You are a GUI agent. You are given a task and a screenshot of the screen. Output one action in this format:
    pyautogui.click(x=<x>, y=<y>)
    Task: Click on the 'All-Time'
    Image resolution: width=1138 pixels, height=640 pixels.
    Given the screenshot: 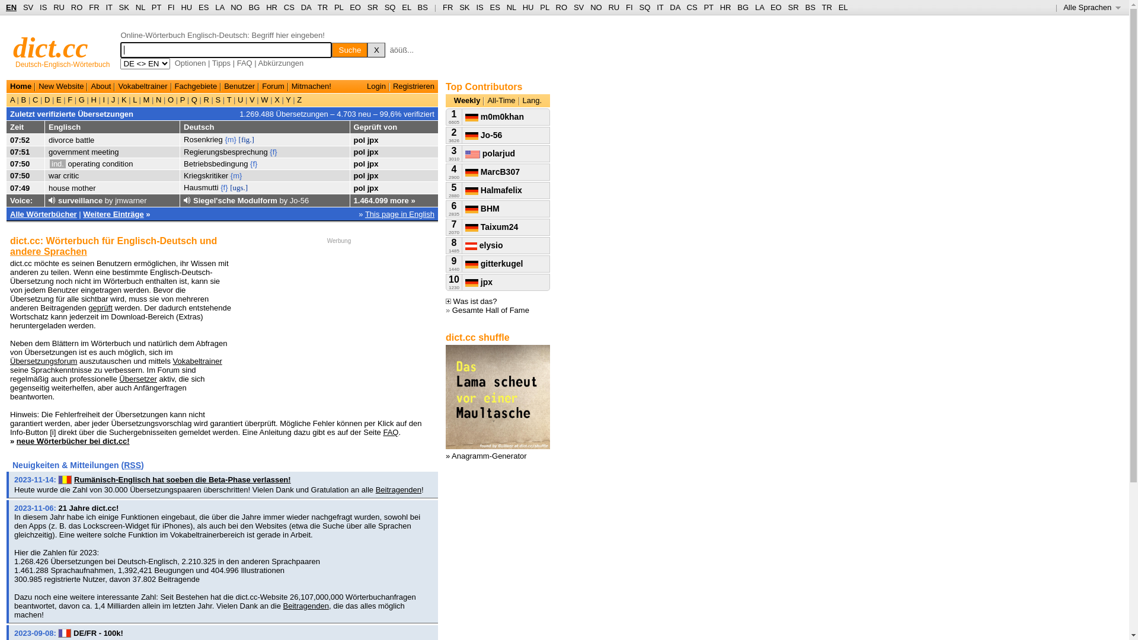 What is the action you would take?
    pyautogui.click(x=501, y=100)
    